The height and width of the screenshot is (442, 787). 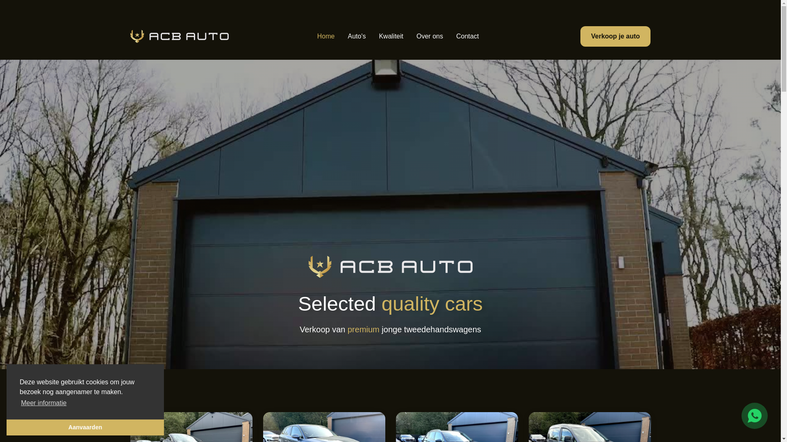 I want to click on 'Aanvaarden', so click(x=85, y=427).